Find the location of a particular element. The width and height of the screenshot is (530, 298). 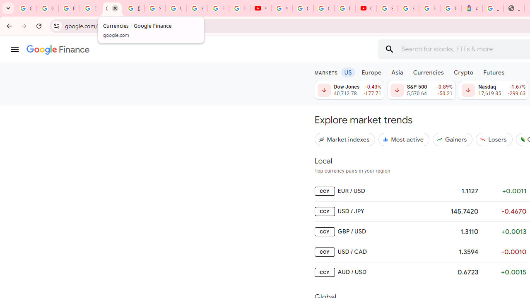

'Crypto' is located at coordinates (463, 72).